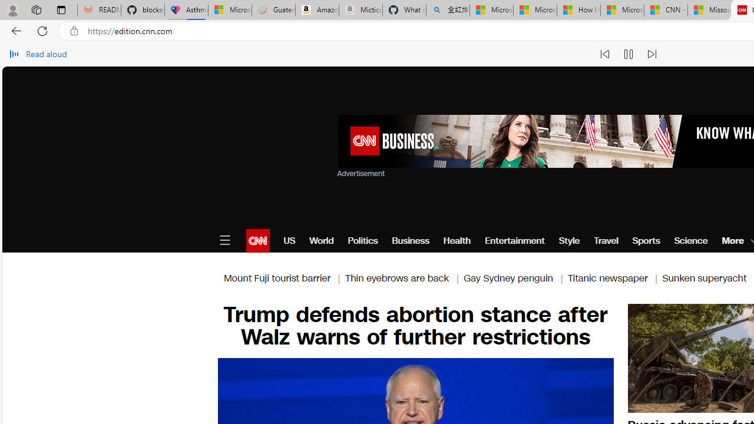 This screenshot has height=424, width=754. Describe the element at coordinates (604, 54) in the screenshot. I see `'Read previous paragraph'` at that location.